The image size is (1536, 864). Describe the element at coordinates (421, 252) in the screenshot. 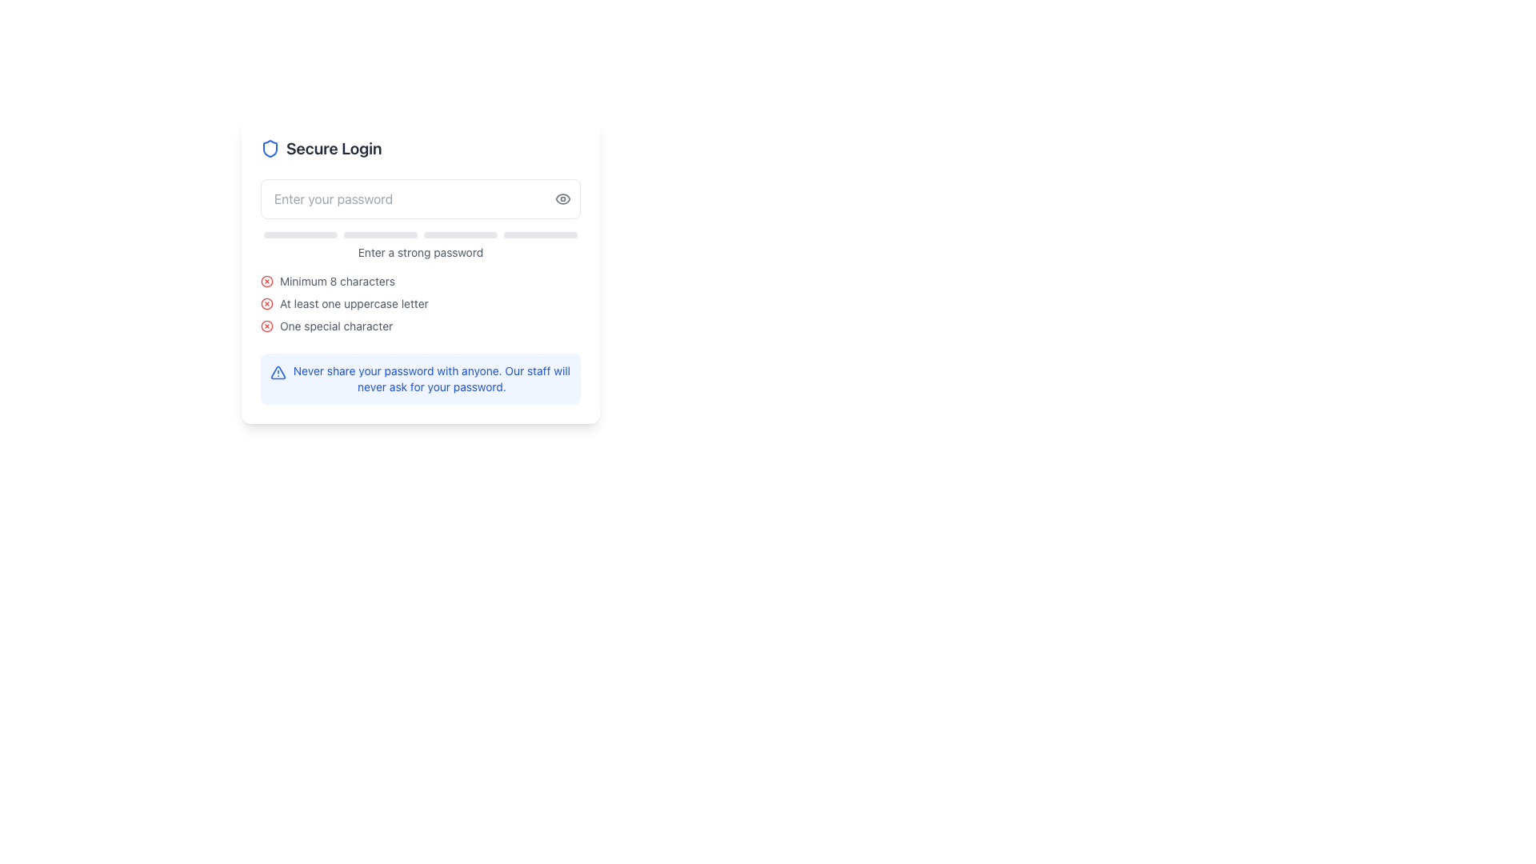

I see `the text label displaying 'Enter a strong password', which is styled in small gray font and located below a set of four progress indicators` at that location.